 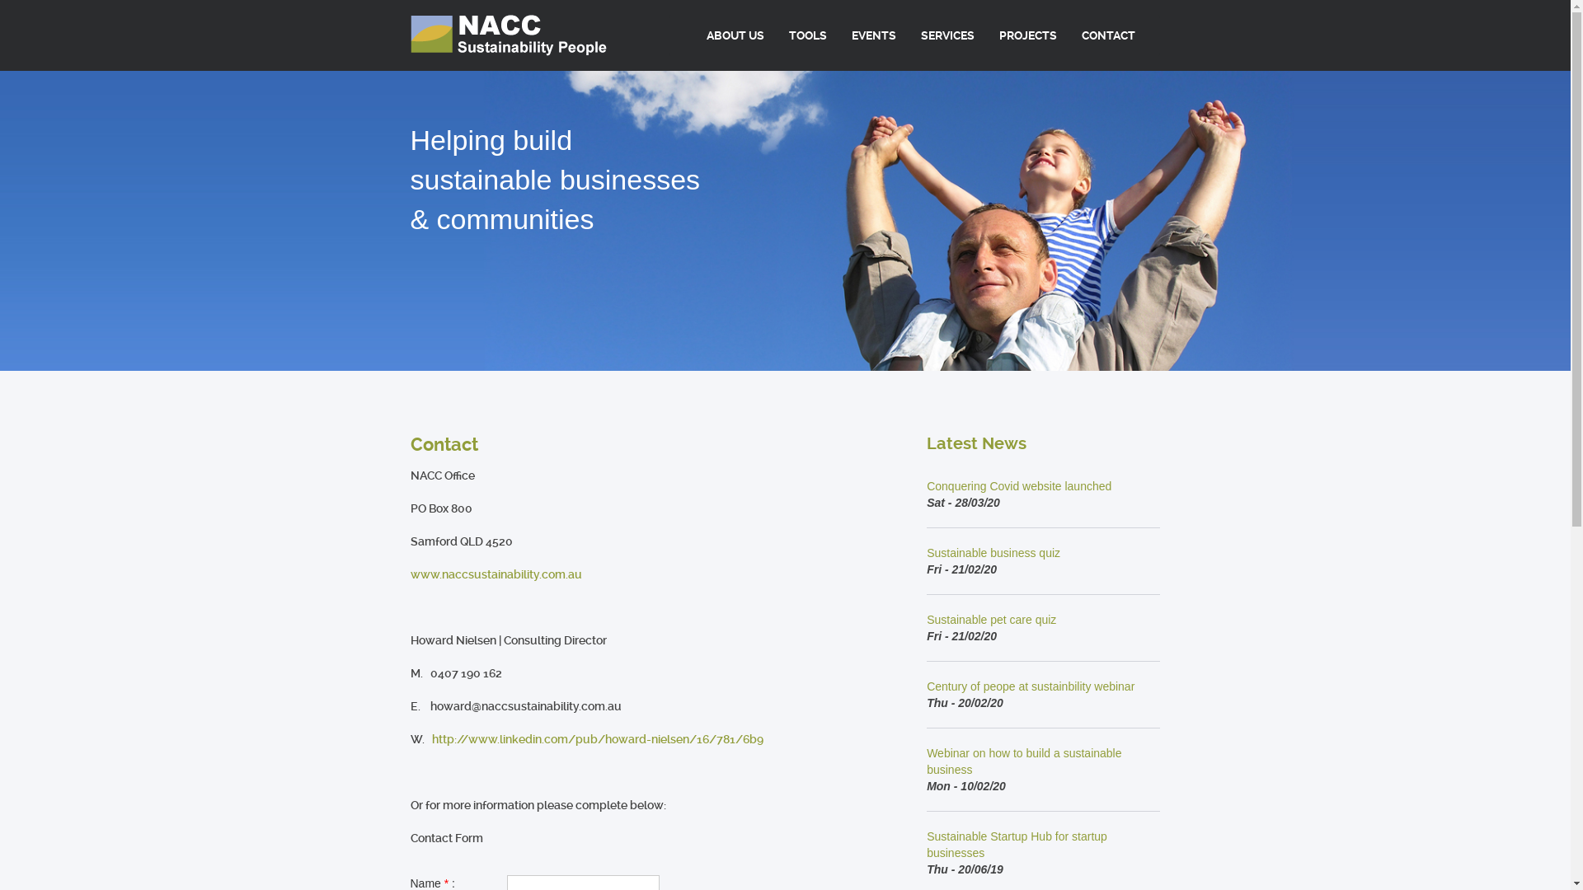 What do you see at coordinates (1108, 35) in the screenshot?
I see `'CONTACT'` at bounding box center [1108, 35].